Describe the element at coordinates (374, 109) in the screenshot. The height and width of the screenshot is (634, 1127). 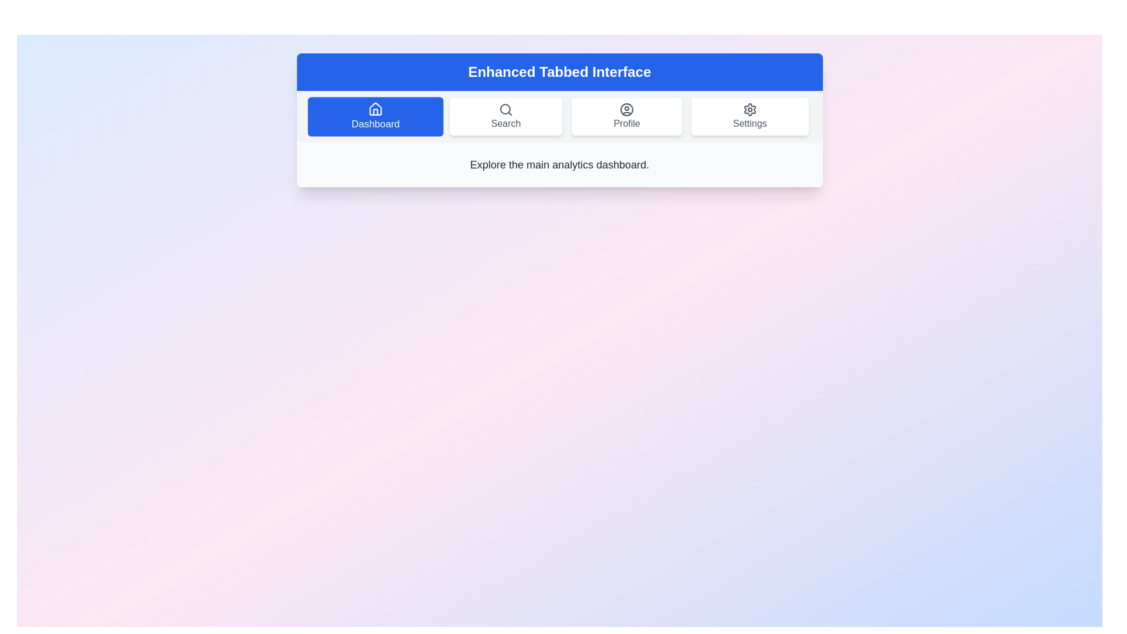
I see `the house icon in the horizontal navigation bar, which is white-filled with a blue rounded rectangle background and is adjacent to the 'Dashboard' text label` at that location.